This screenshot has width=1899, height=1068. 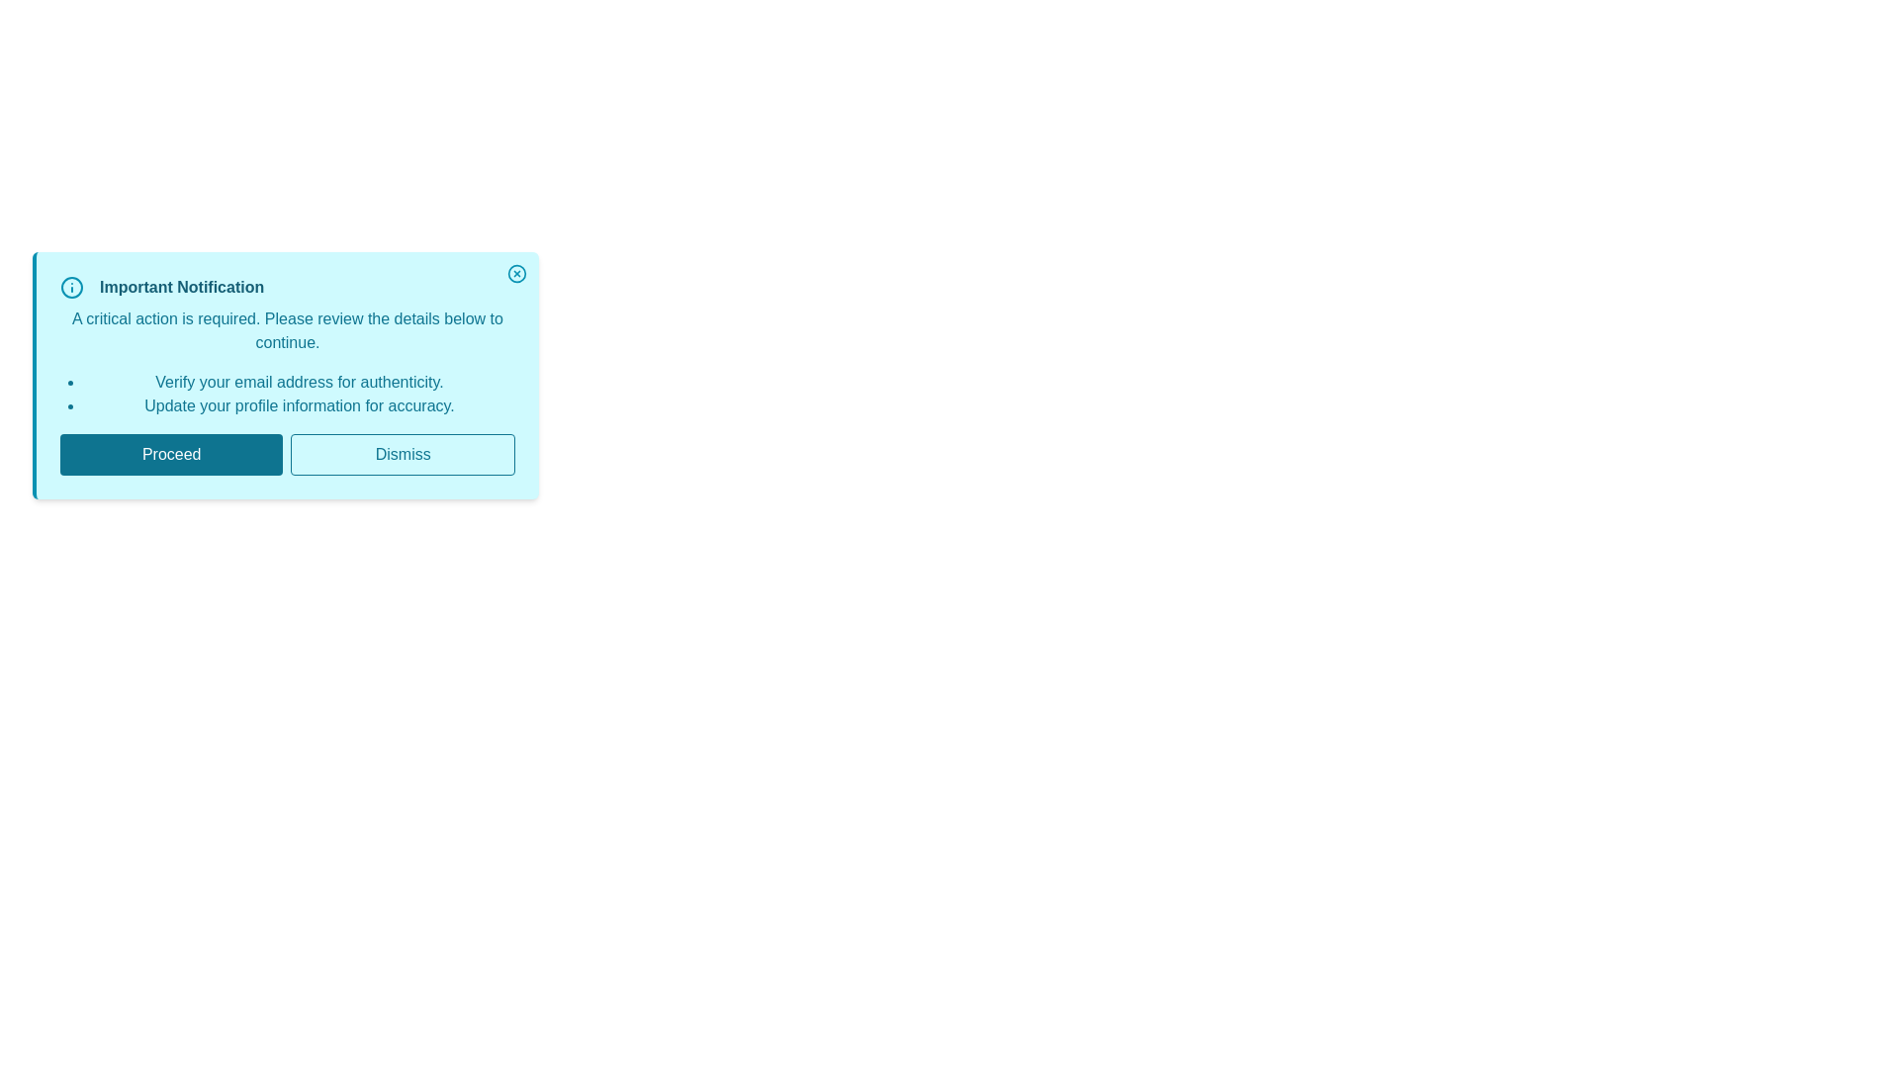 What do you see at coordinates (171, 454) in the screenshot?
I see `the Proceed button to observe its hover effect` at bounding box center [171, 454].